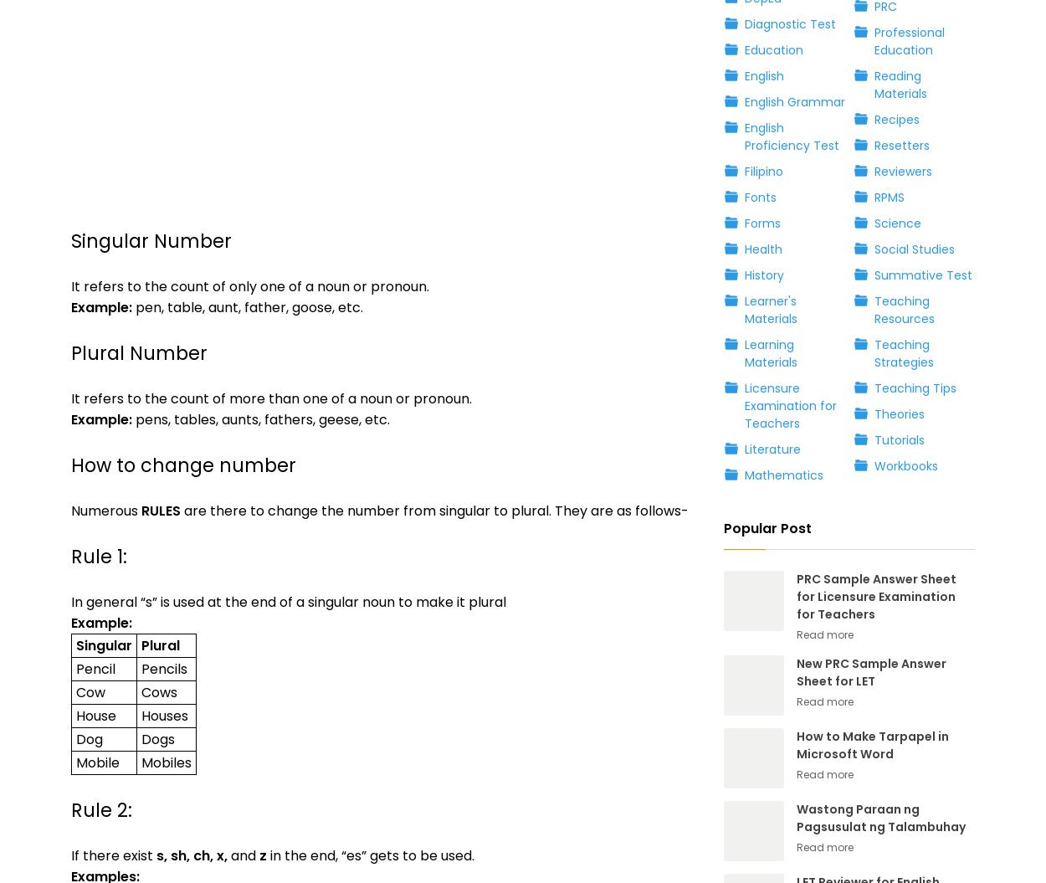 Image resolution: width=1046 pixels, height=883 pixels. What do you see at coordinates (495, 771) in the screenshot?
I see `'By using this website, you agree that we and our partners may set cookies for purposes such as customising content and advertising.'` at bounding box center [495, 771].